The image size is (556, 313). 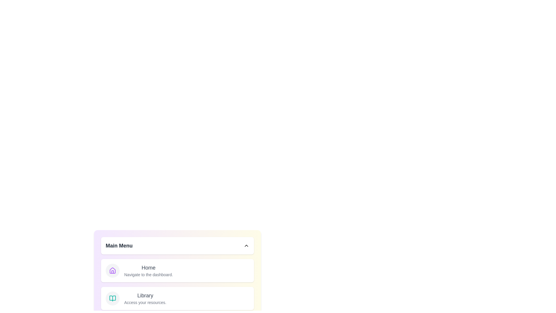 What do you see at coordinates (112, 270) in the screenshot?
I see `the menu item labeled Home` at bounding box center [112, 270].